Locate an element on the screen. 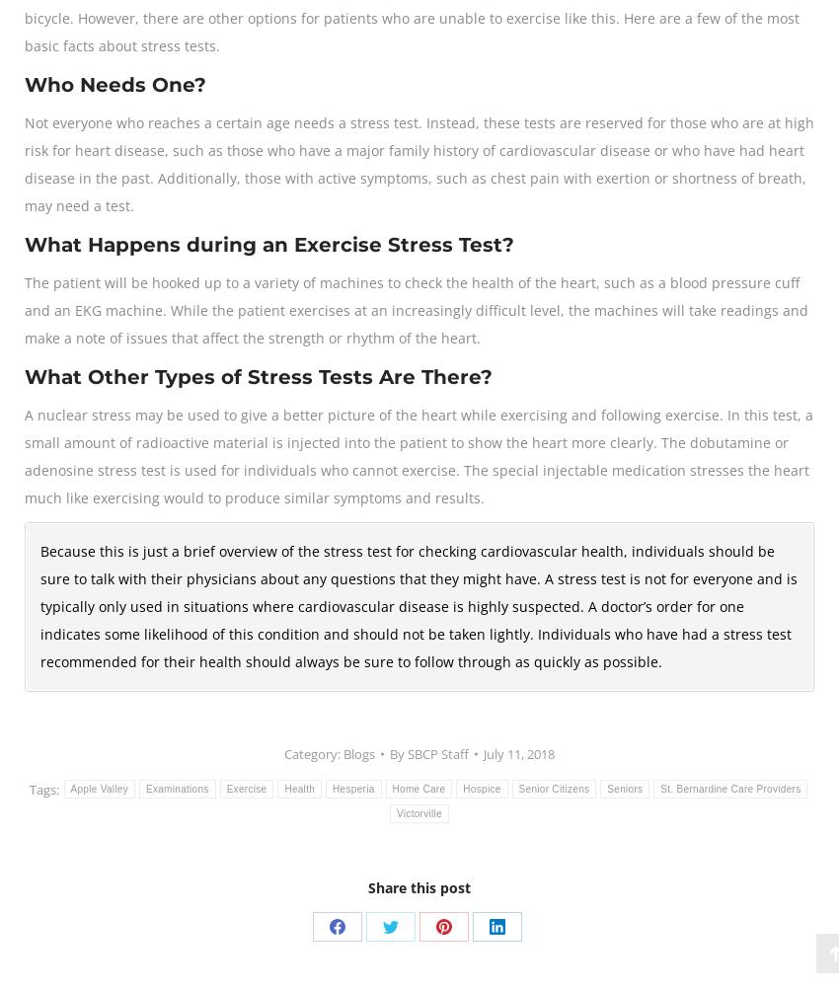  'Blogs' is located at coordinates (357, 753).